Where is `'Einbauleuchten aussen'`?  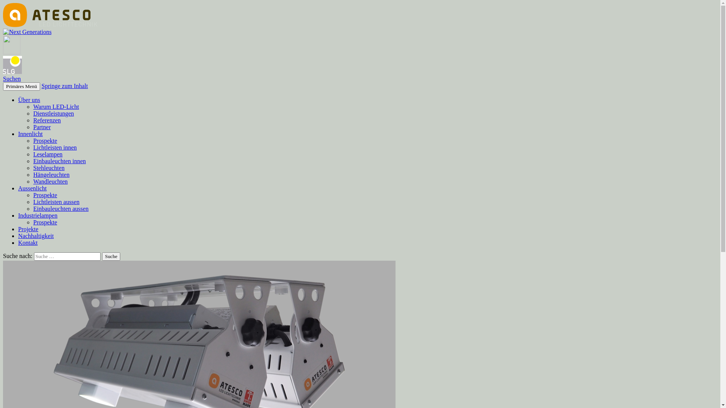 'Einbauleuchten aussen' is located at coordinates (61, 209).